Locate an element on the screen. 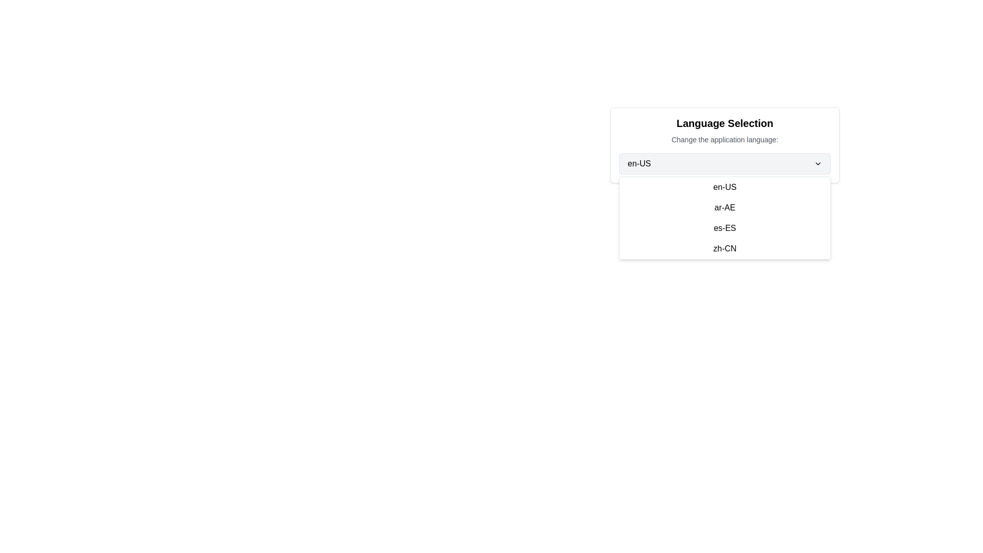 The height and width of the screenshot is (553, 983). the menu item labeled 'es-ES' which is the third item in the dropdown menu, positioned below 'ar-AE' and above 'zh-CN' is located at coordinates (724, 228).